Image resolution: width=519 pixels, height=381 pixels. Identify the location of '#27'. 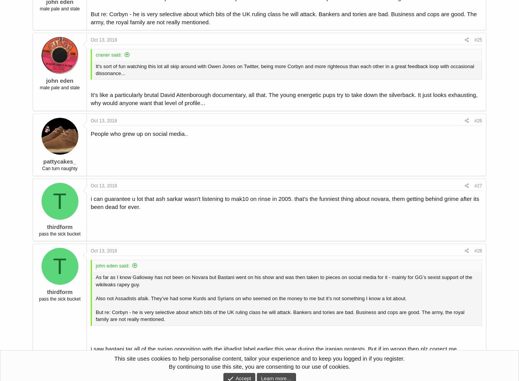
(478, 186).